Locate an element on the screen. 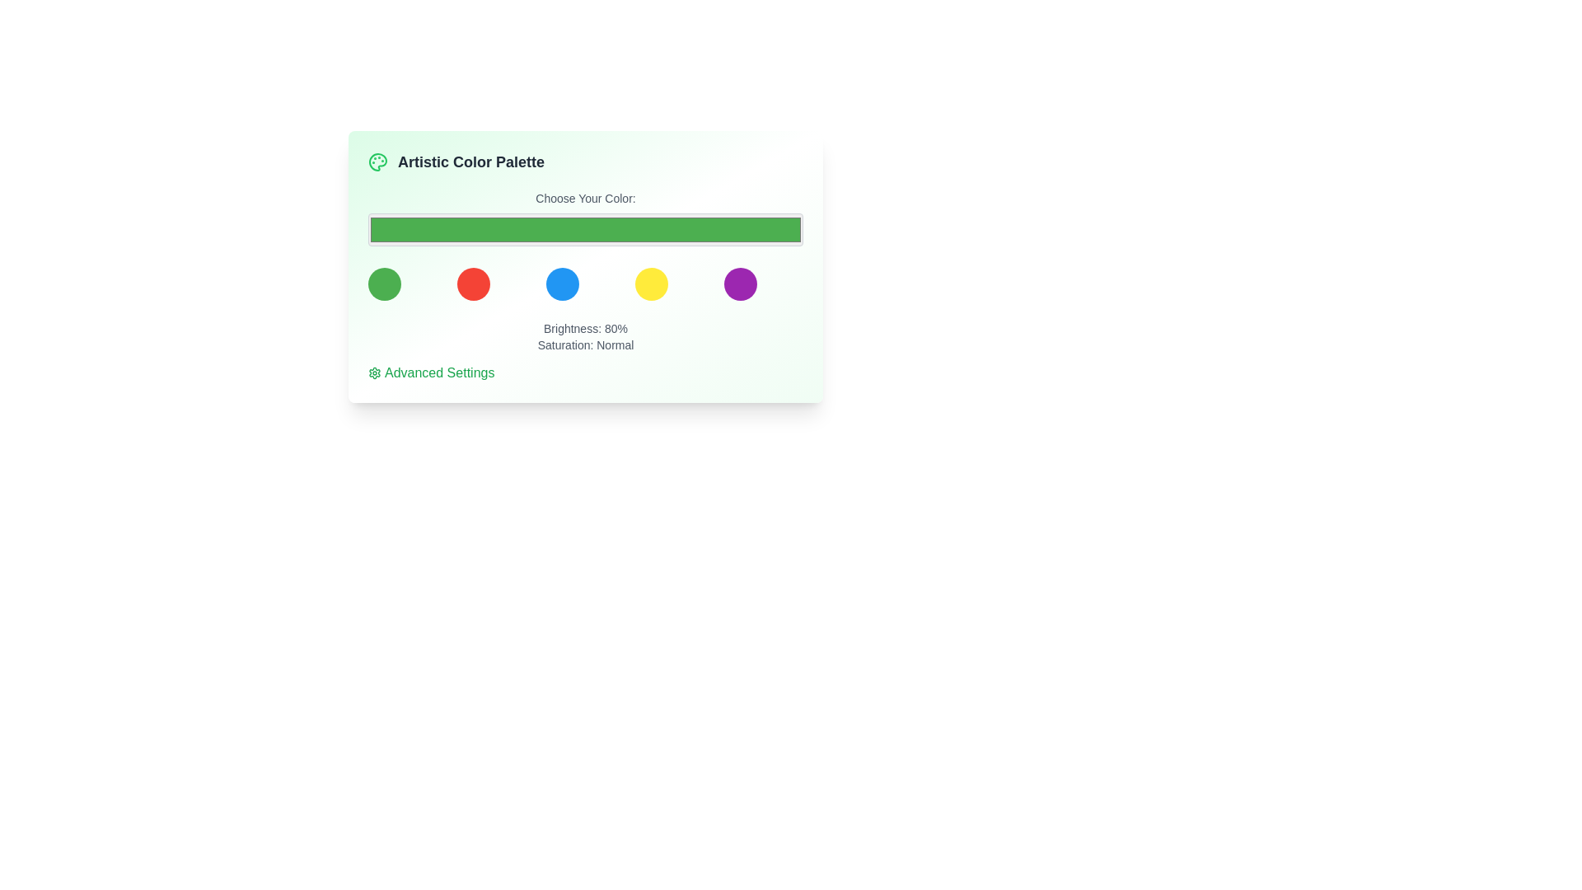 This screenshot has width=1582, height=890. the selectable color option representing red, which is the second circular component is located at coordinates (473, 283).